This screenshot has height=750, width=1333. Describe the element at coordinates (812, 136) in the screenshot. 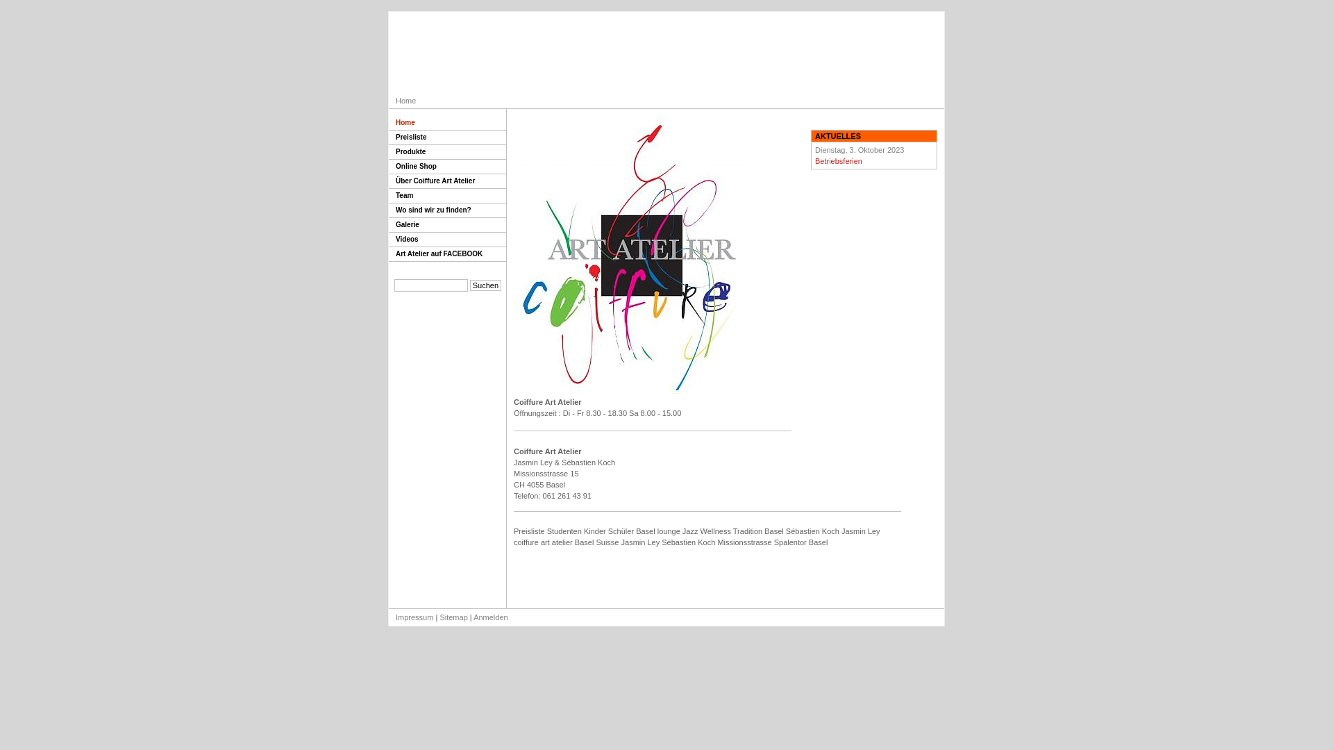

I see `'AKTUELLES'` at that location.